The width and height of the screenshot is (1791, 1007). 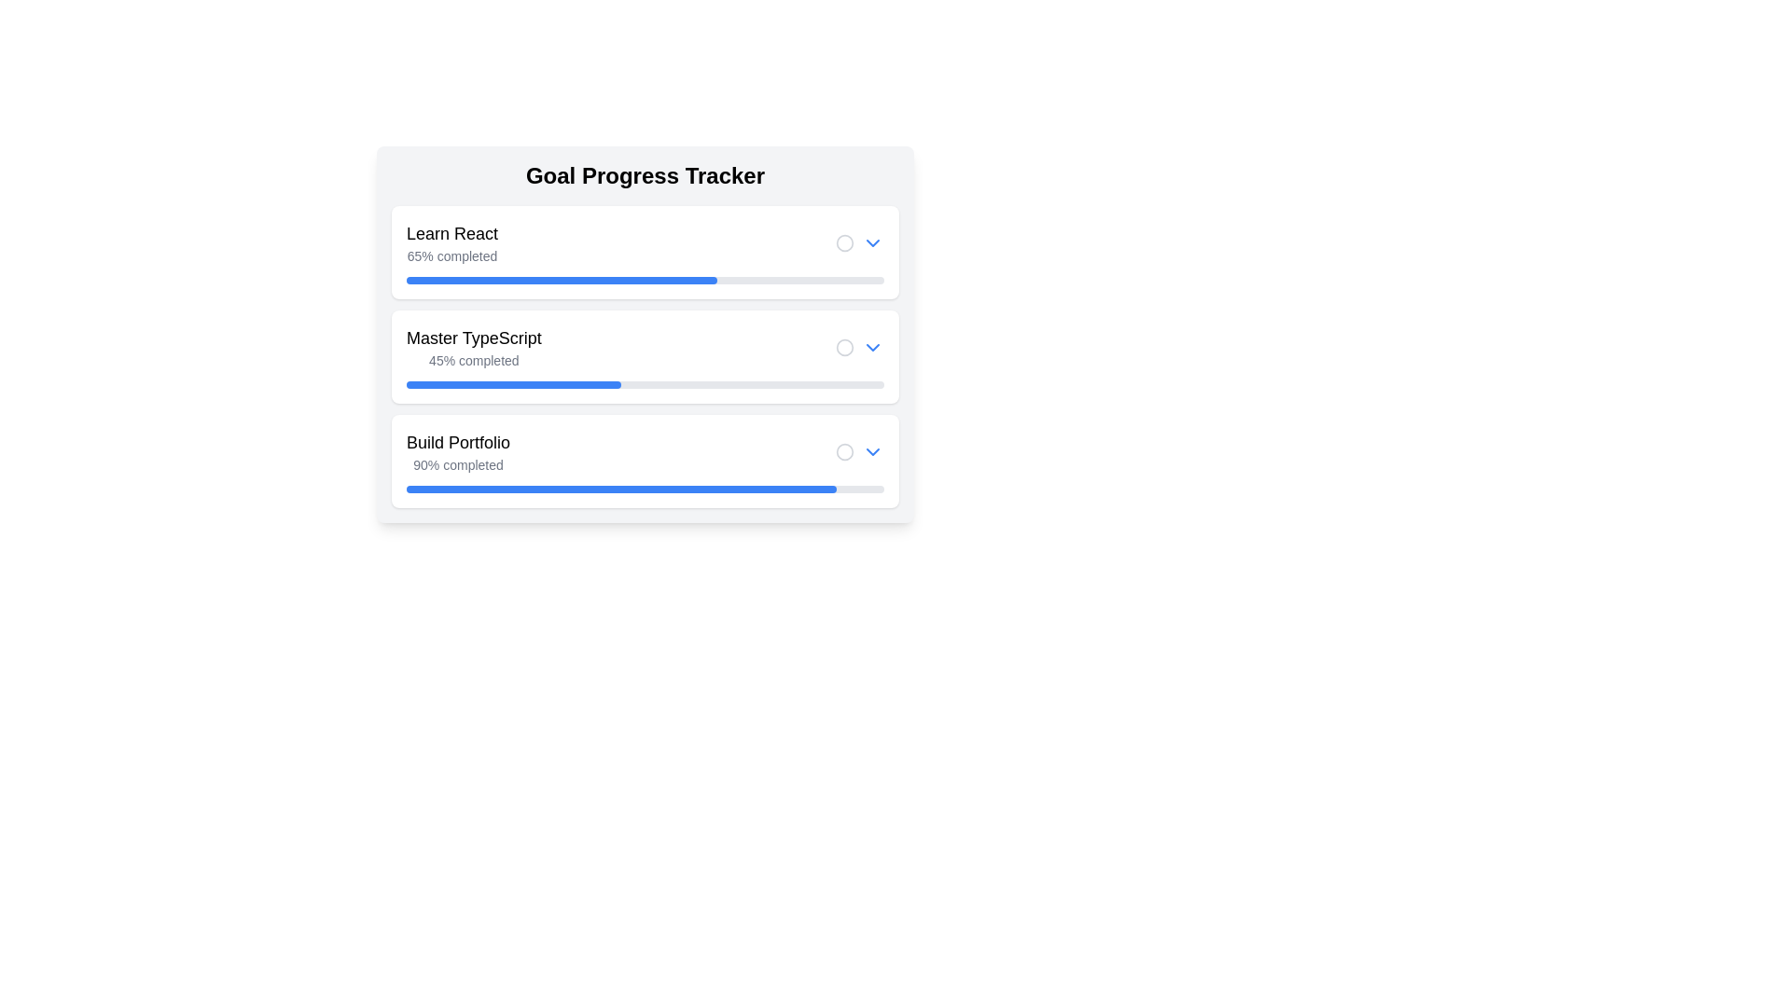 I want to click on the clickable button for expanding or collapsing additional information associated with the 'Build Portfolio' goal item, located to the right of the goal title and progress bar, so click(x=872, y=452).